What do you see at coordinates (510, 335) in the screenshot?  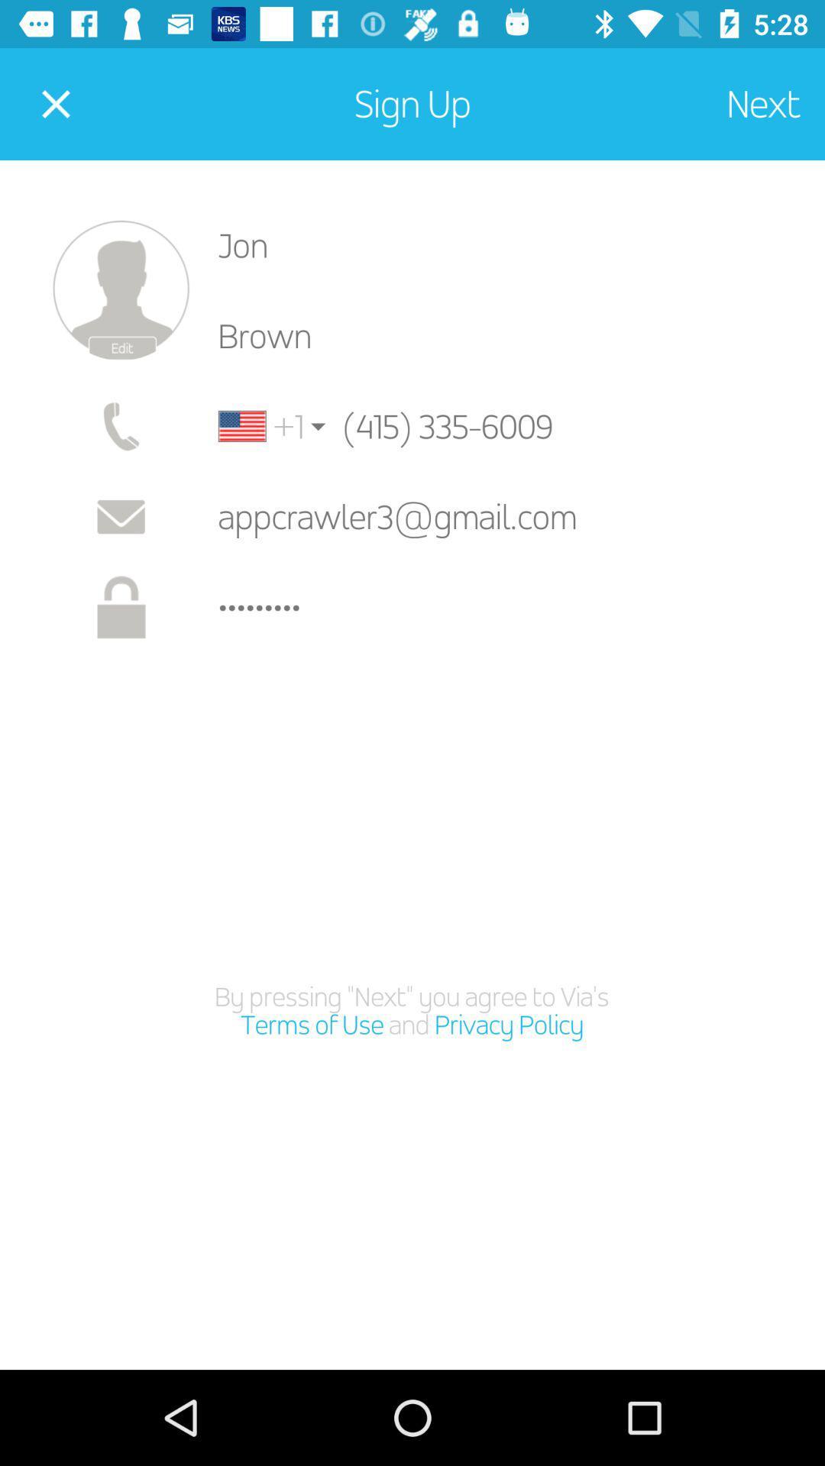 I see `item below jon icon` at bounding box center [510, 335].